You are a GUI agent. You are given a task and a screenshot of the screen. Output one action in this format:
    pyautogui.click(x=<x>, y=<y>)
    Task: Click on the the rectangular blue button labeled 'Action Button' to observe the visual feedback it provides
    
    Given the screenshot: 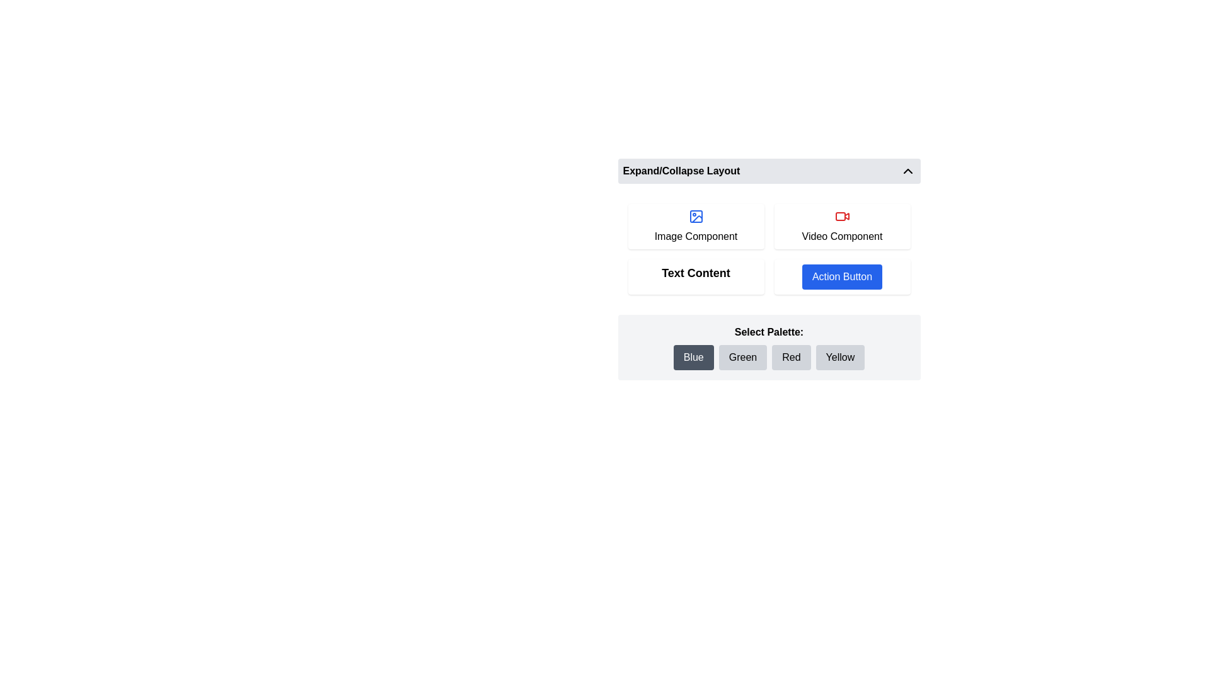 What is the action you would take?
    pyautogui.click(x=842, y=276)
    